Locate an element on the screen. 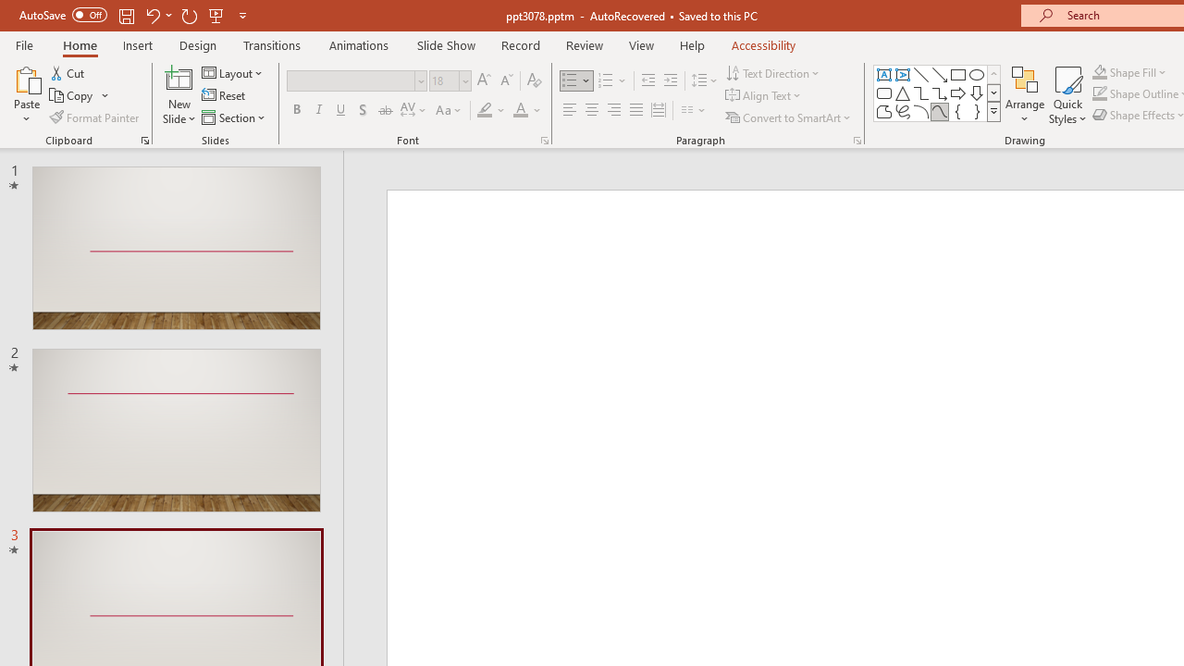 The image size is (1184, 666). 'New Slide' is located at coordinates (179, 95).